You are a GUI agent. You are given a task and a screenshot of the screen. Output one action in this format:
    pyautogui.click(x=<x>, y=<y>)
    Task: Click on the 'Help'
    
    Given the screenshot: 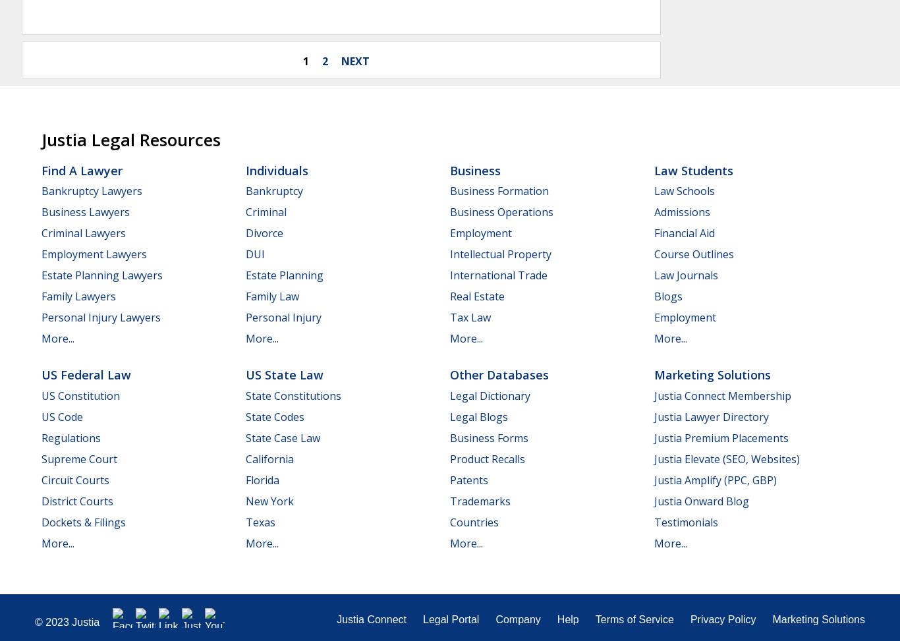 What is the action you would take?
    pyautogui.click(x=567, y=618)
    